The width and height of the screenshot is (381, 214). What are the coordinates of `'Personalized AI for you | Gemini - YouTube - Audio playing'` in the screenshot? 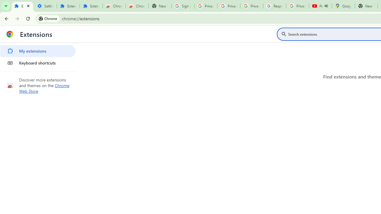 It's located at (320, 6).